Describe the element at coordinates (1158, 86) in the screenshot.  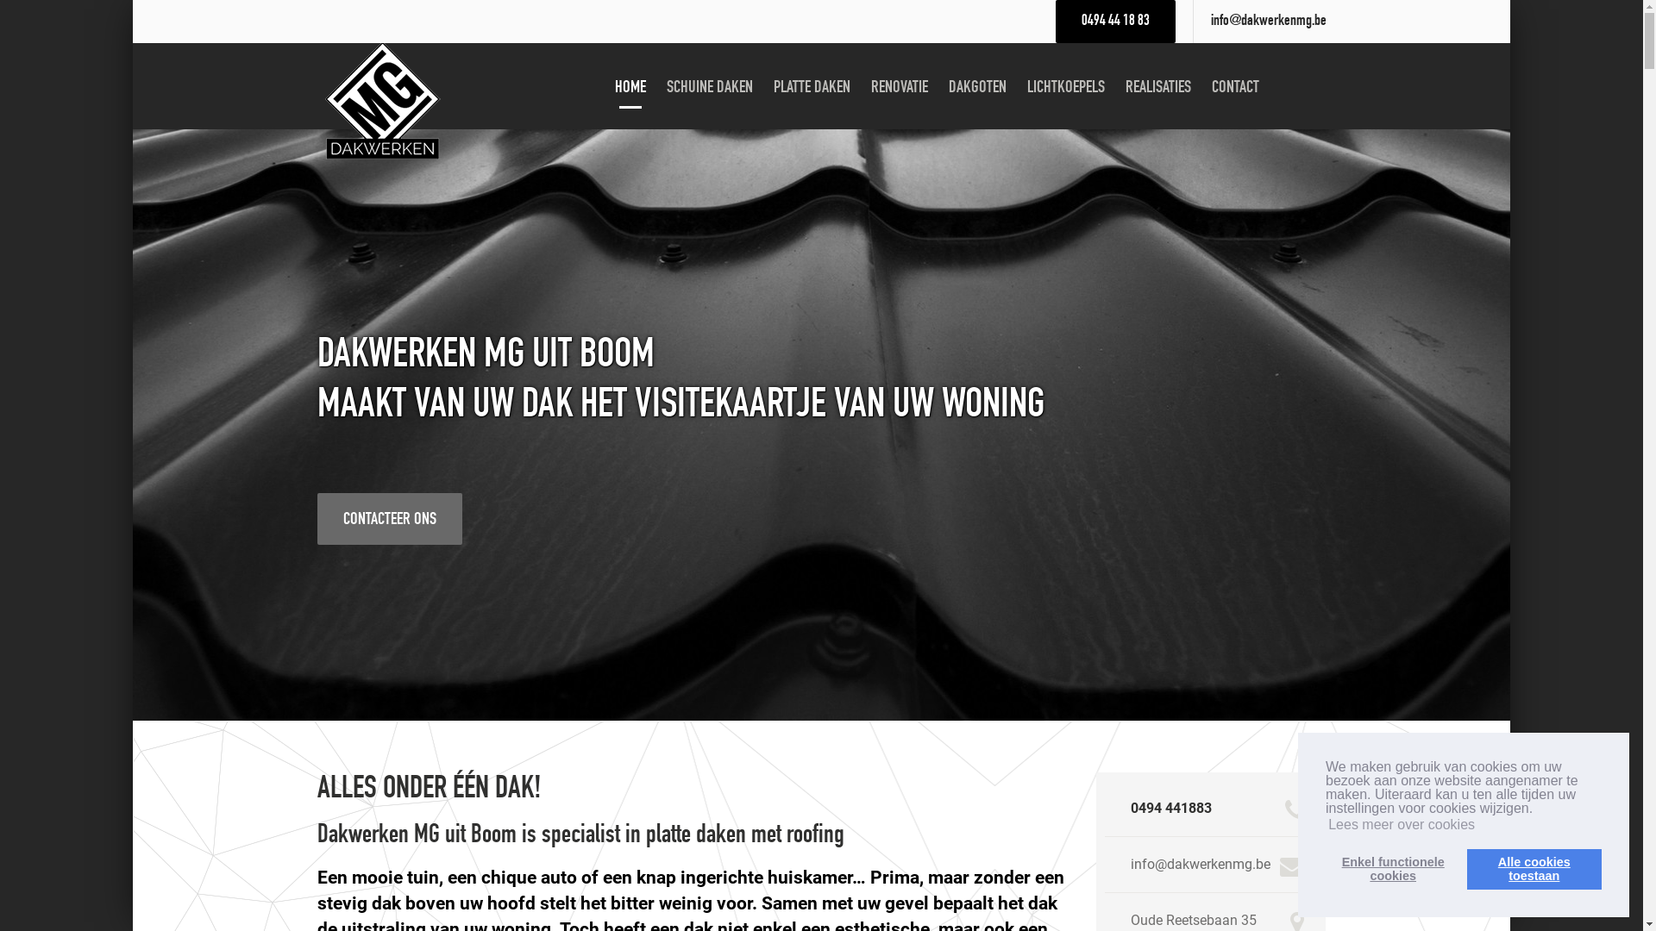
I see `'REALISATIES'` at that location.